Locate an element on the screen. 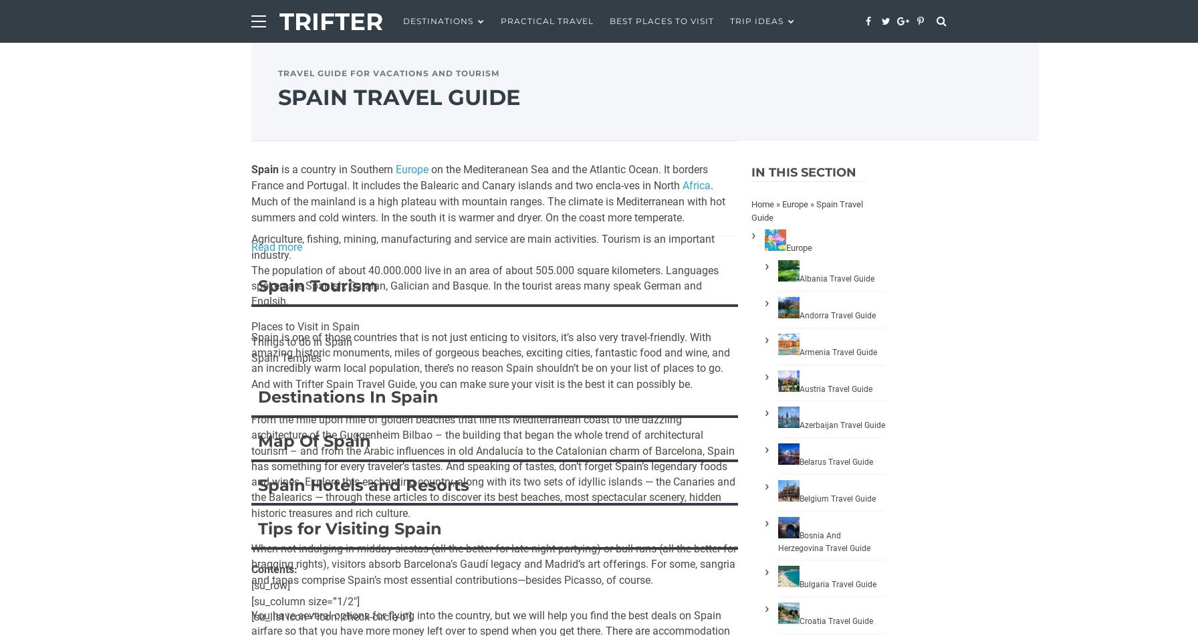 The image size is (1198, 636). 'Albania Travel Guide' is located at coordinates (837, 278).